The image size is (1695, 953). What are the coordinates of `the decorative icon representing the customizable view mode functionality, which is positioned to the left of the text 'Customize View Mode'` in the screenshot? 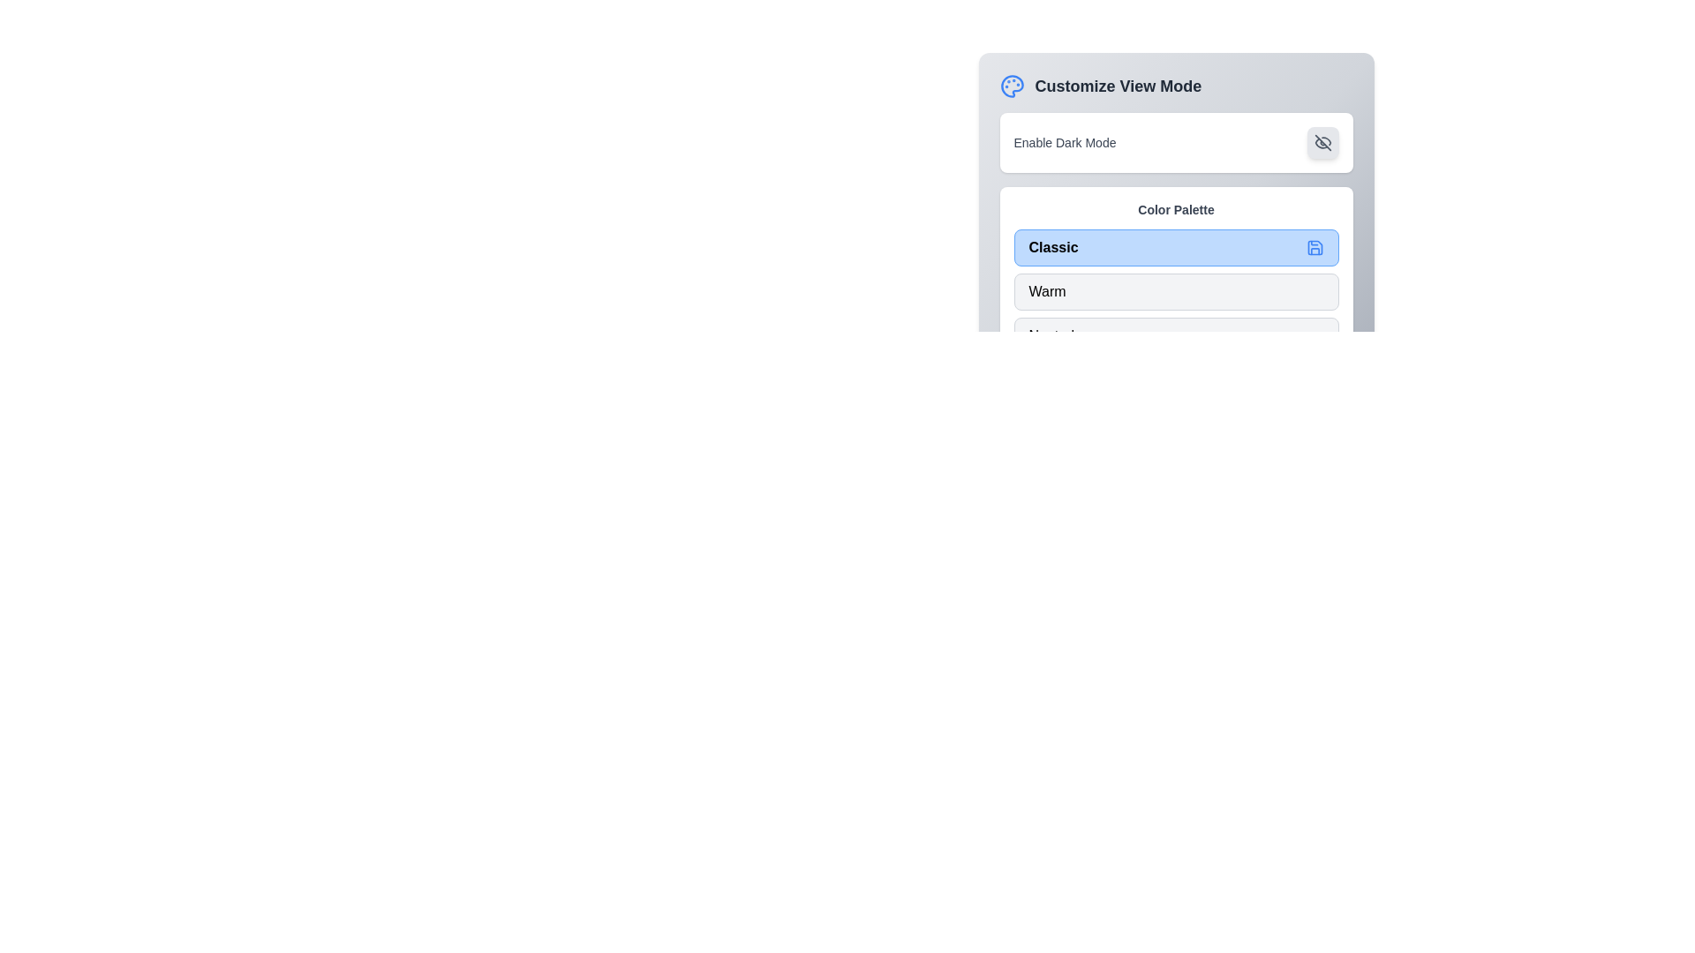 It's located at (1012, 86).